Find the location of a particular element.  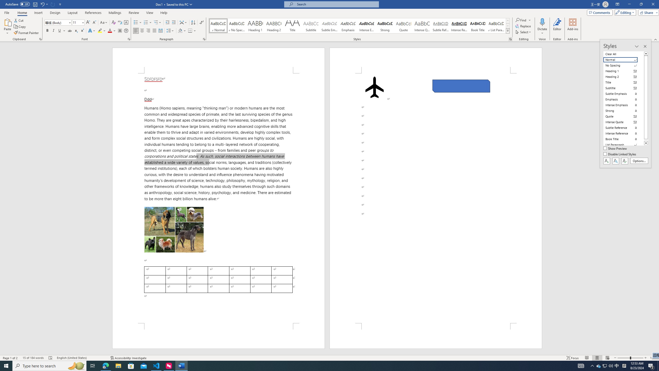

'AutoSave' is located at coordinates (18, 4).